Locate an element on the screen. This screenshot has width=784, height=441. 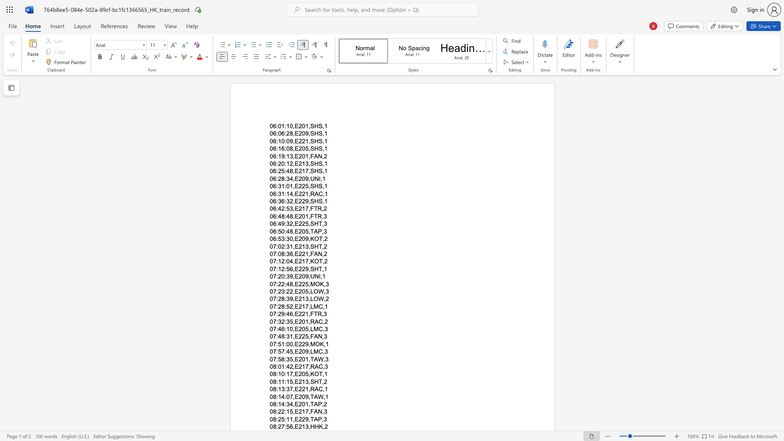
the space between the continuous character "6" and ":" in the text is located at coordinates (276, 208).